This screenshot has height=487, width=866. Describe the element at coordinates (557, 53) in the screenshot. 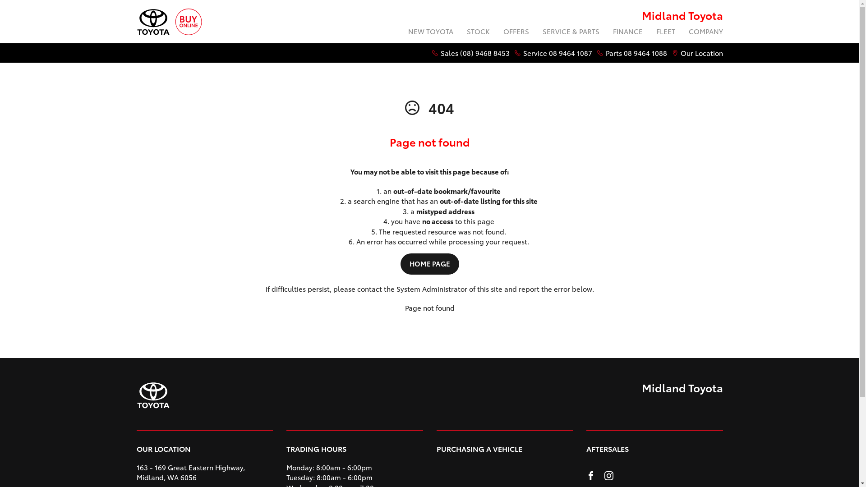

I see `'Service 08 9464 1087'` at that location.